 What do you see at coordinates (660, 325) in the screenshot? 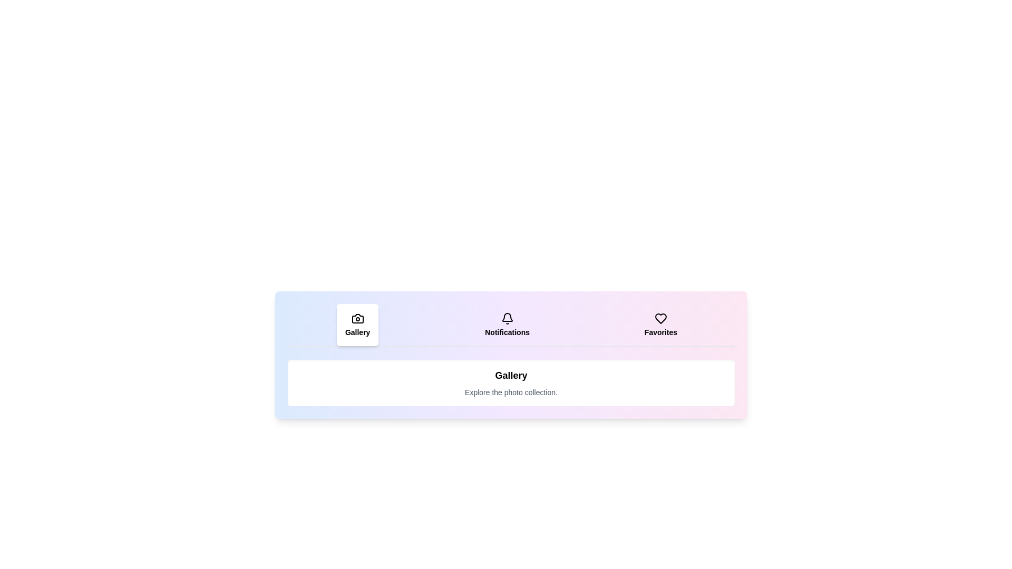
I see `the Favorites tab to view its content` at bounding box center [660, 325].